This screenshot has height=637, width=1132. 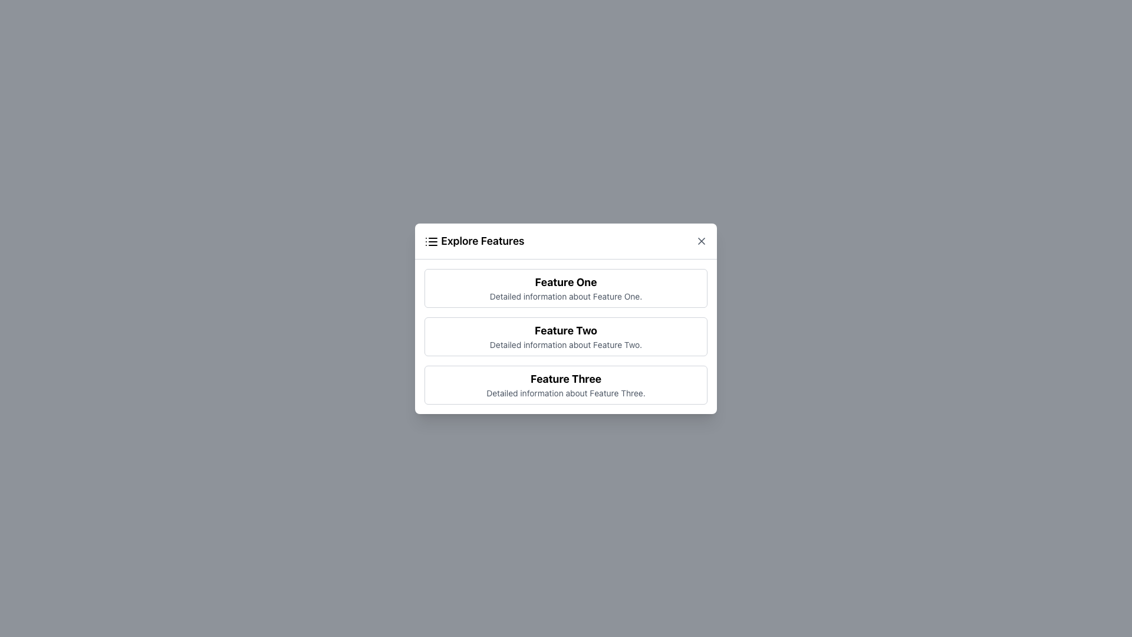 What do you see at coordinates (702, 240) in the screenshot?
I see `the 'X' shaped icon located at the top-right corner of the modal dialog box, which is part of an SVG image` at bounding box center [702, 240].